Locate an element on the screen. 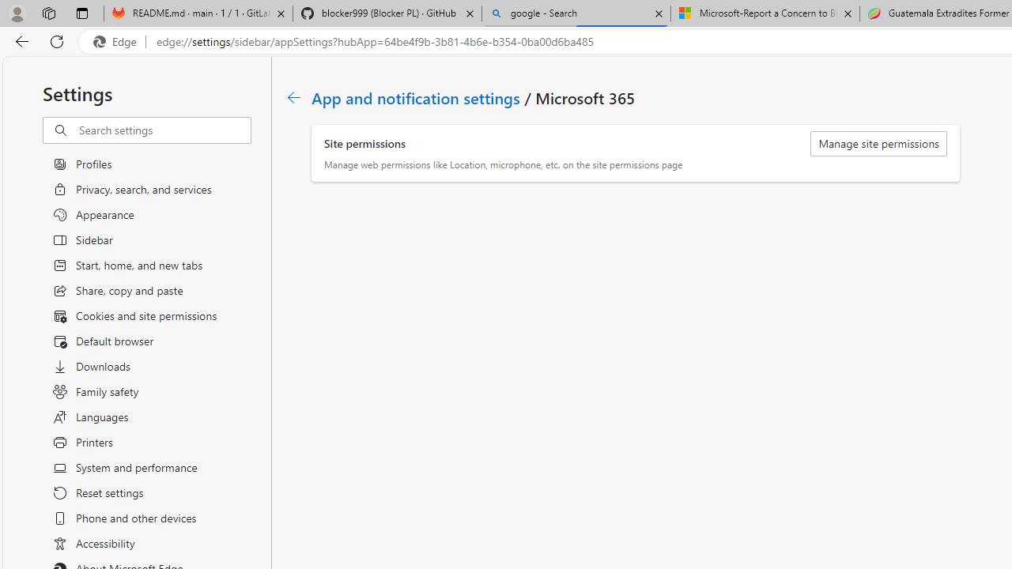 The image size is (1012, 569). 'Search settings' is located at coordinates (164, 130).